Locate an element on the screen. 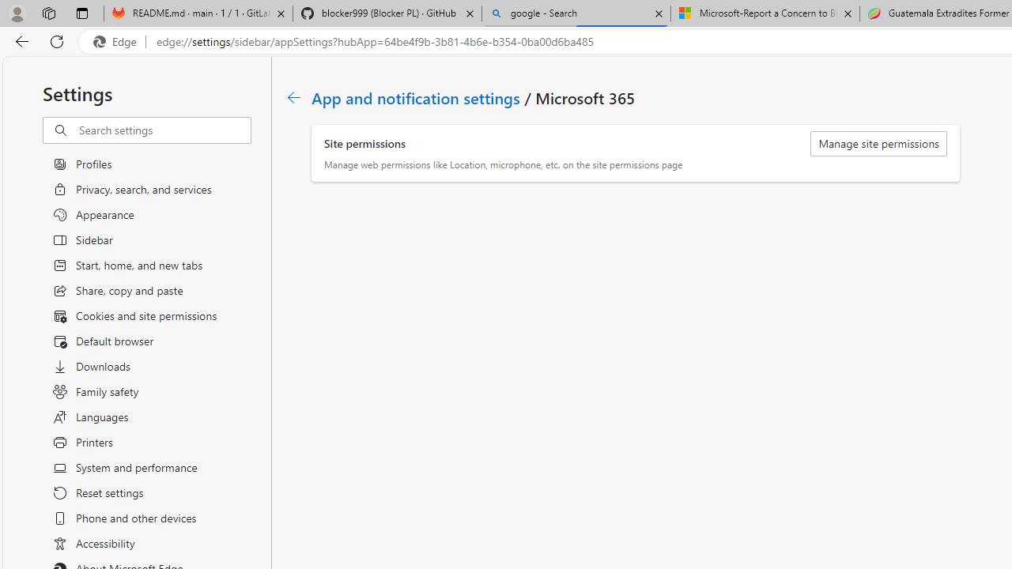 The image size is (1012, 569). 'Search settings' is located at coordinates (164, 130).